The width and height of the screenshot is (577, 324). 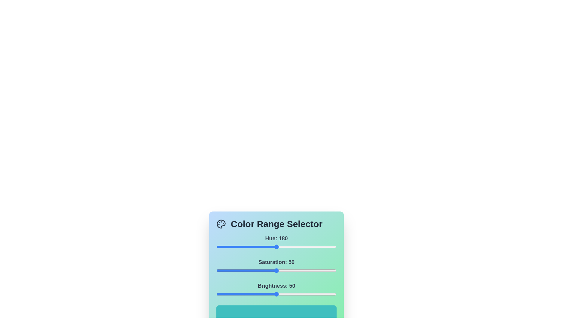 What do you see at coordinates (282, 271) in the screenshot?
I see `the 1 slider to 55` at bounding box center [282, 271].